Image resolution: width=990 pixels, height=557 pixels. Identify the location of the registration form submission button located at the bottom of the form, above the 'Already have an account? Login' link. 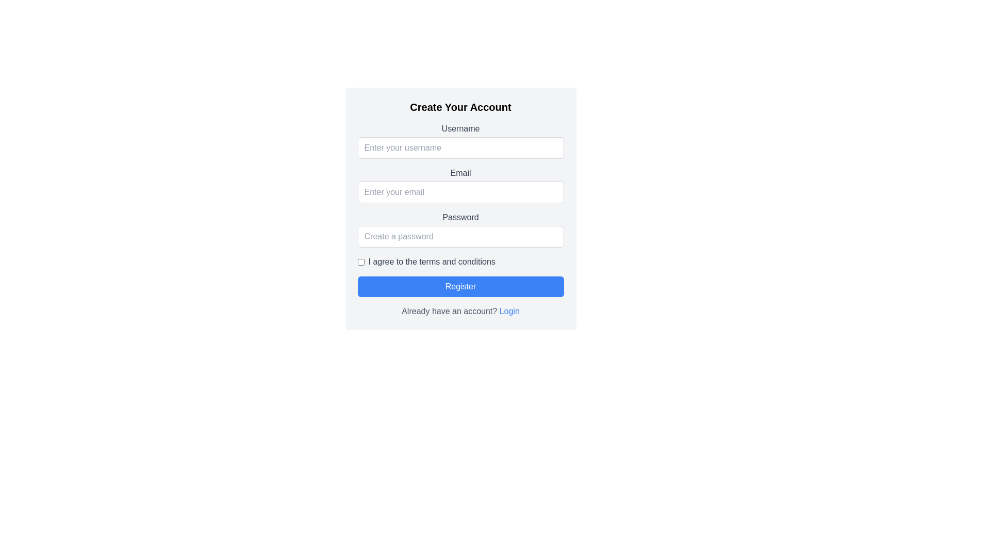
(460, 286).